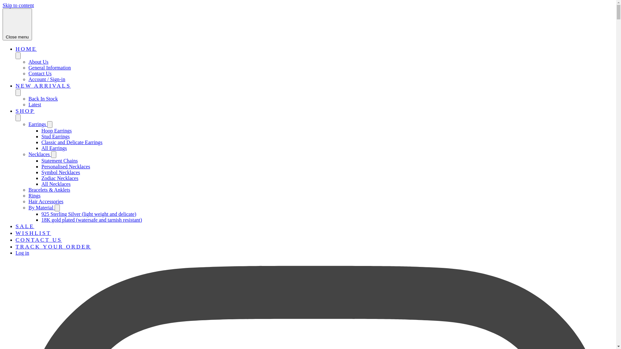  I want to click on 'NEW ARRIVALS', so click(43, 85).